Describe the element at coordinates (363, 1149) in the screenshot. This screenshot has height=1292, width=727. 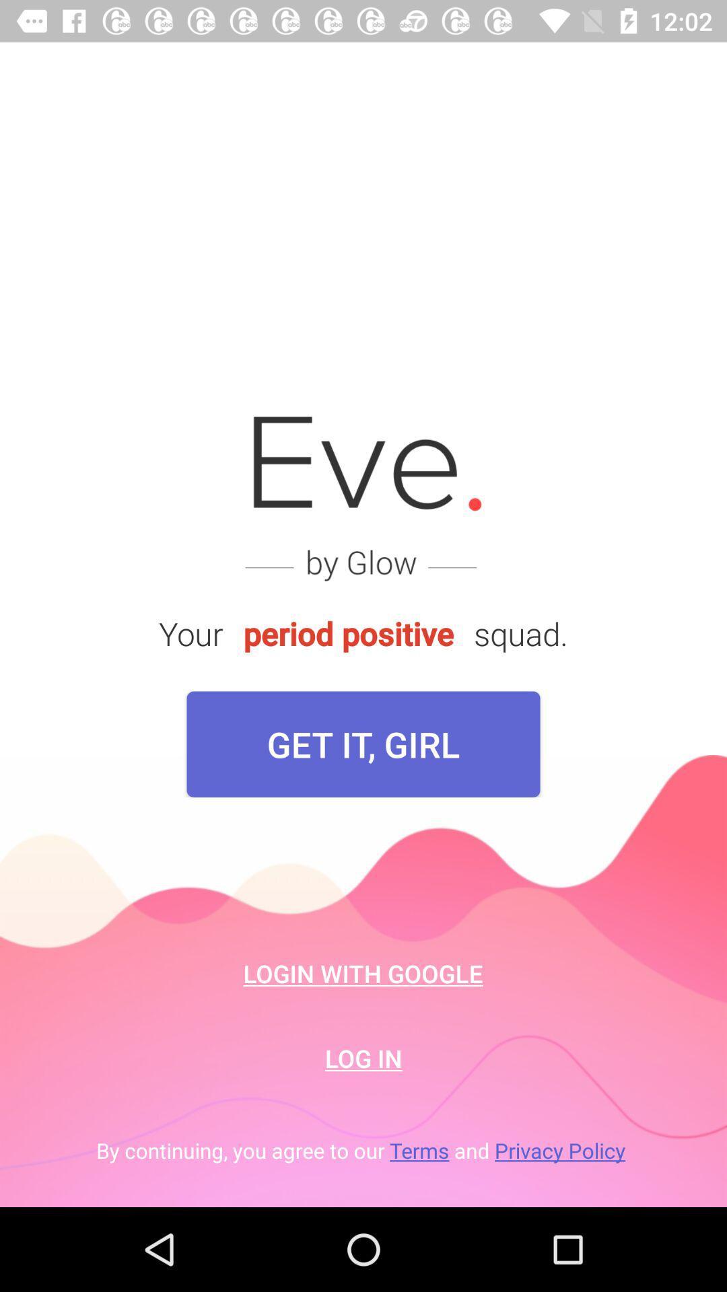
I see `the by continuing you icon` at that location.